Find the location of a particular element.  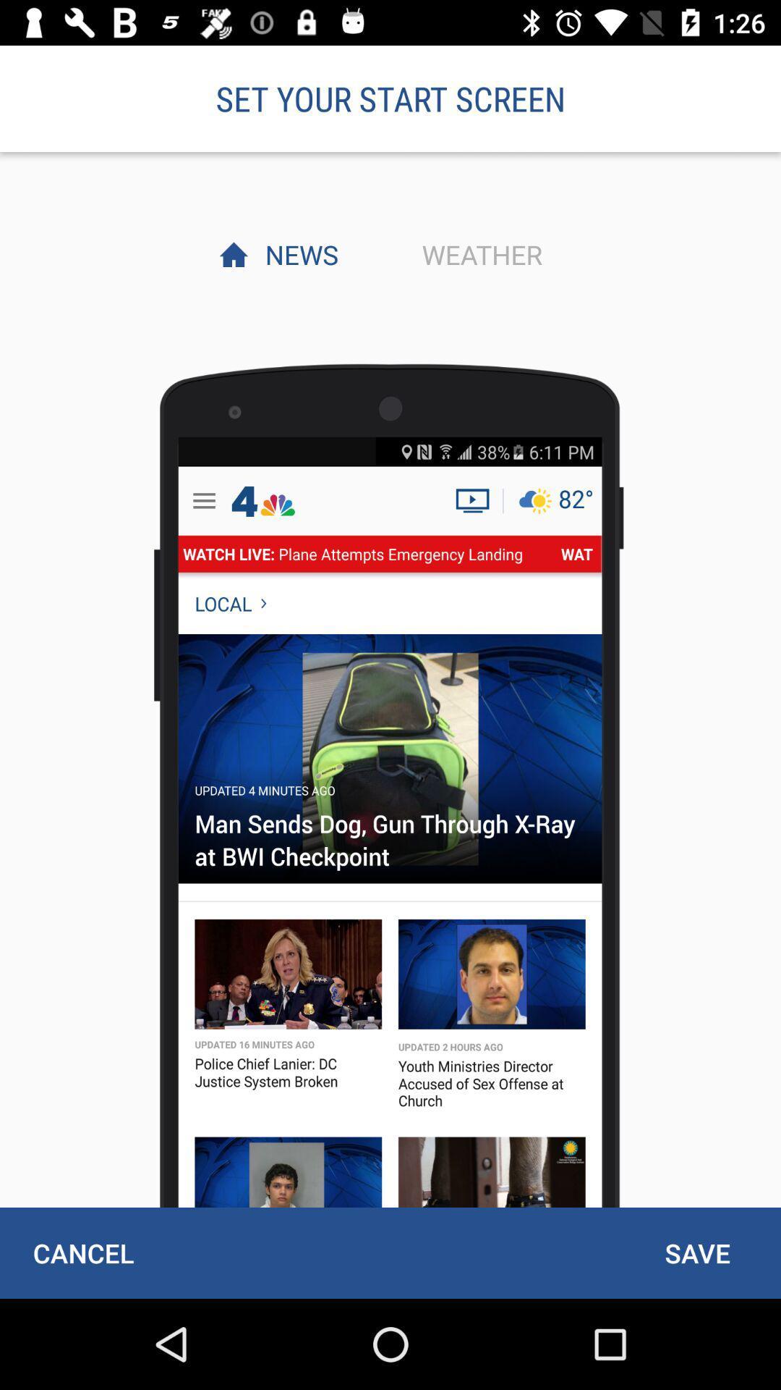

icon below set your start item is located at coordinates (297, 254).